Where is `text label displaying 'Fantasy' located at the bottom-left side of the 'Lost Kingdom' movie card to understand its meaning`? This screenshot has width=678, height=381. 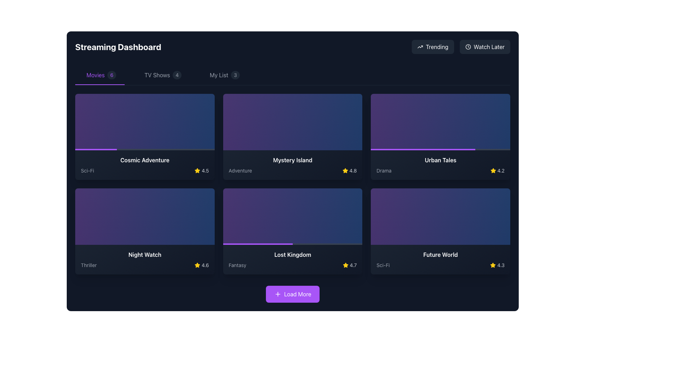
text label displaying 'Fantasy' located at the bottom-left side of the 'Lost Kingdom' movie card to understand its meaning is located at coordinates (237, 265).